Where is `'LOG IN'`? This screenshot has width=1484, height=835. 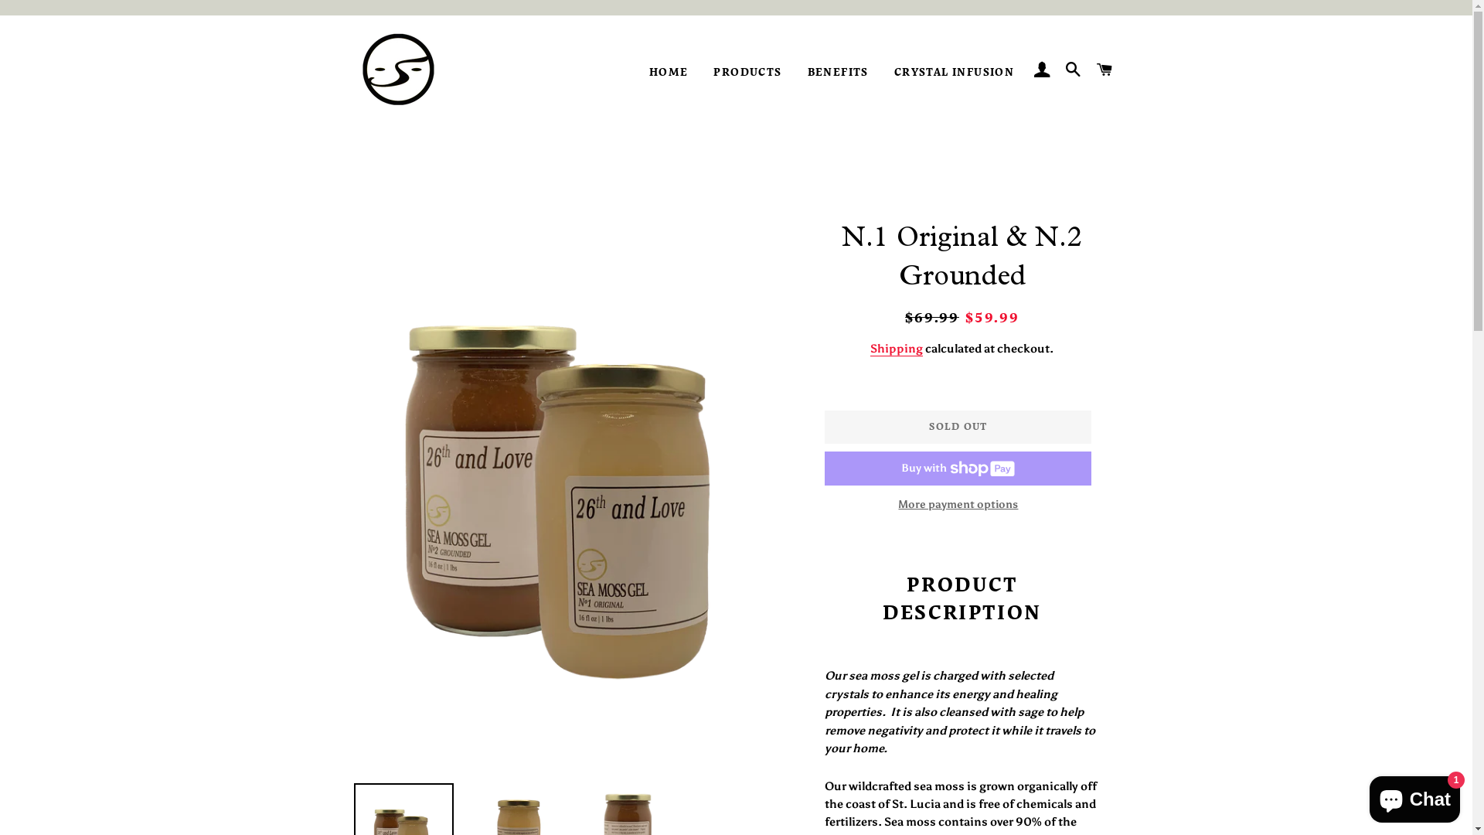 'LOG IN' is located at coordinates (1042, 71).